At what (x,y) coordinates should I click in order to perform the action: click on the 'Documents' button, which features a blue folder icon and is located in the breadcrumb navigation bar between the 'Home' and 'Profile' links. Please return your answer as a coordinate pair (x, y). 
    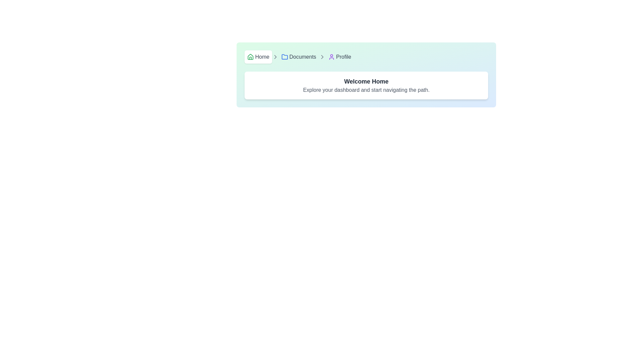
    Looking at the image, I should click on (298, 57).